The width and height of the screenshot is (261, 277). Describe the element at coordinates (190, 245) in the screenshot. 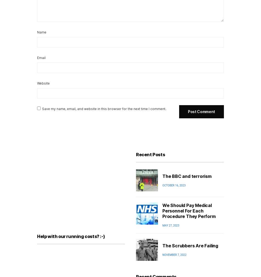

I see `'The Scrubbers Are Failing'` at that location.